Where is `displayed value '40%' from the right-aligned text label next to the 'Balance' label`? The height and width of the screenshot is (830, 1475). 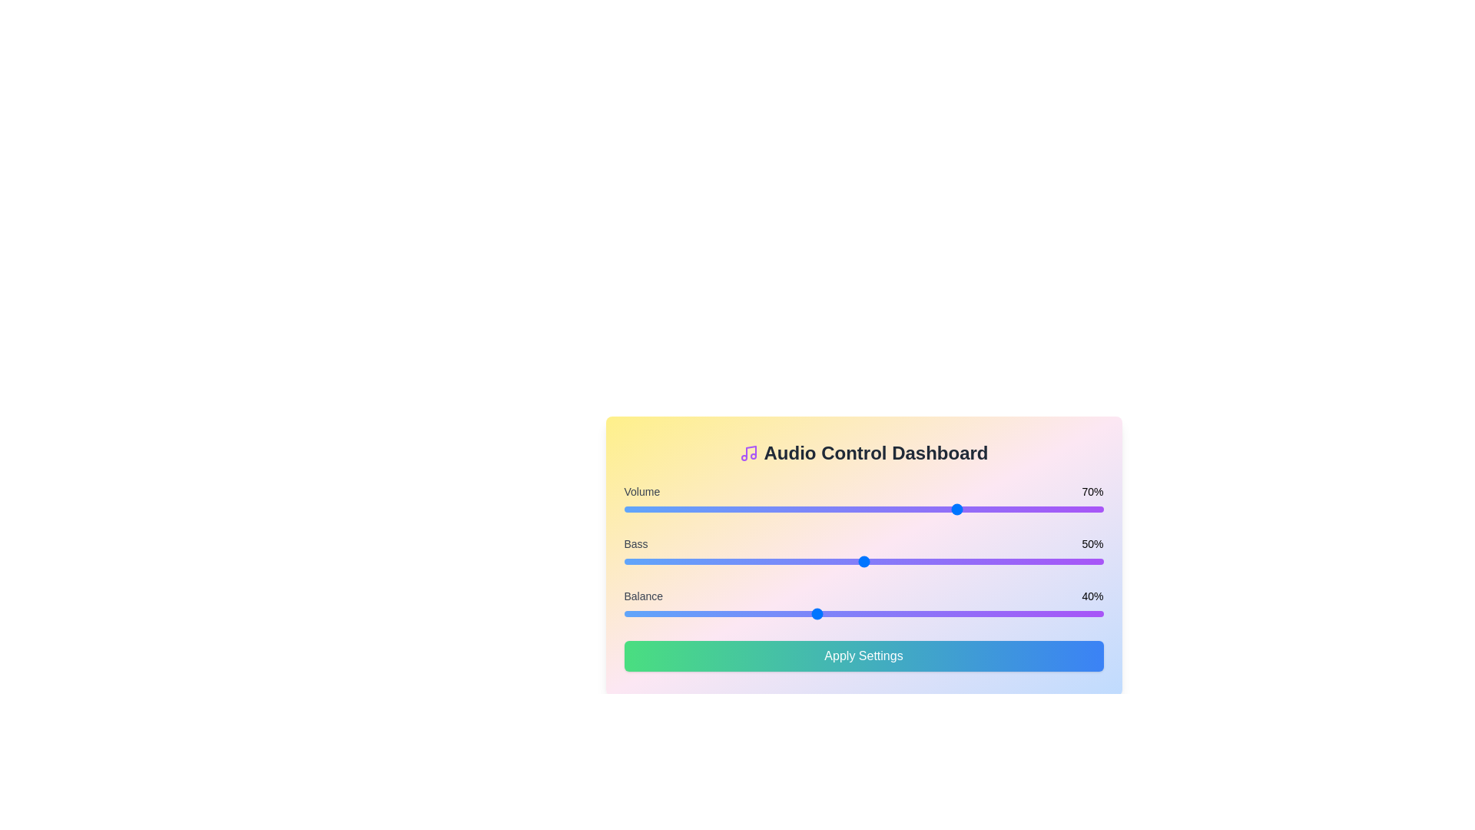
displayed value '40%' from the right-aligned text label next to the 'Balance' label is located at coordinates (1092, 595).